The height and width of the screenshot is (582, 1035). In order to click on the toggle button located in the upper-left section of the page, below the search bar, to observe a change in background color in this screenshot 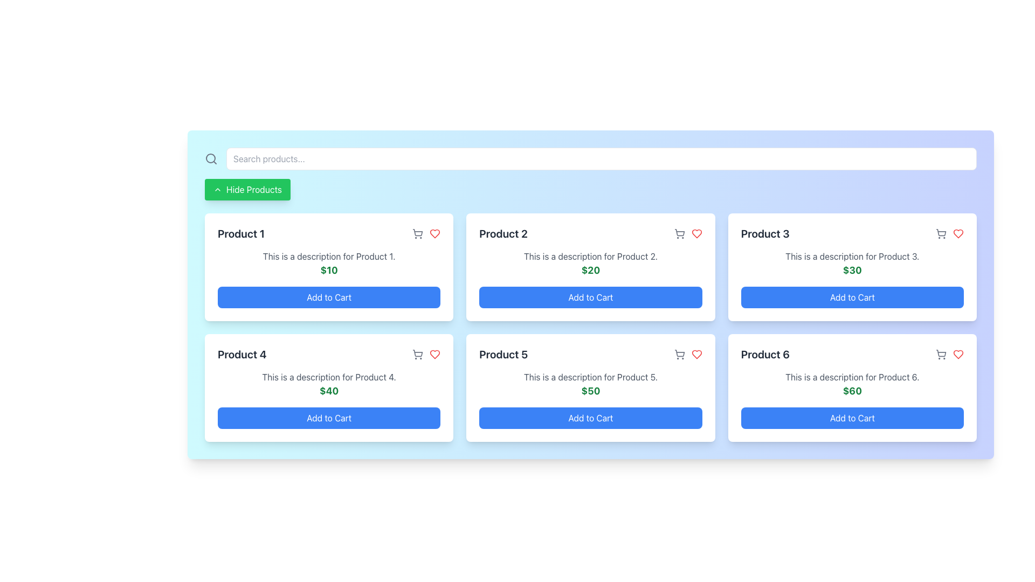, I will do `click(247, 189)`.